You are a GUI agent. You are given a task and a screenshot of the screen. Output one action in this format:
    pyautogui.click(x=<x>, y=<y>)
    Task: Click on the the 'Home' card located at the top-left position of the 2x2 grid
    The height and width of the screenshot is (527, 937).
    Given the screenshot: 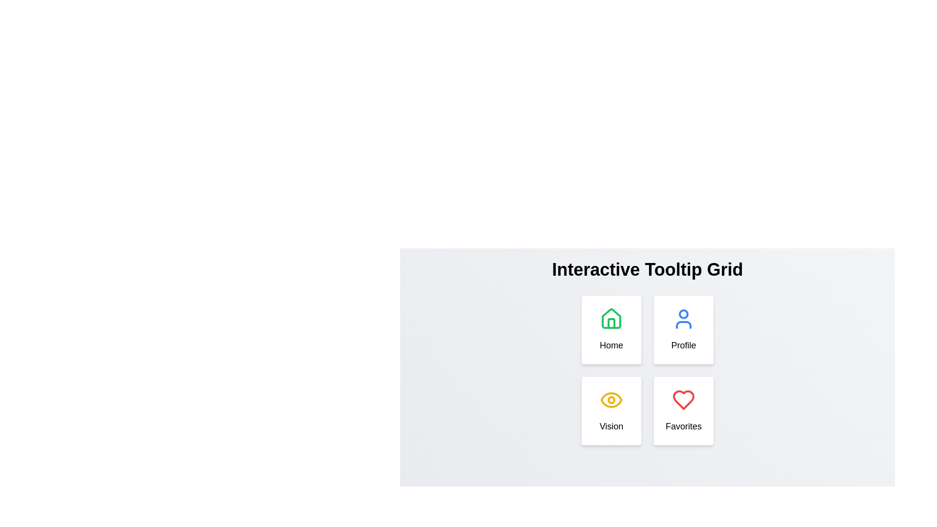 What is the action you would take?
    pyautogui.click(x=611, y=329)
    